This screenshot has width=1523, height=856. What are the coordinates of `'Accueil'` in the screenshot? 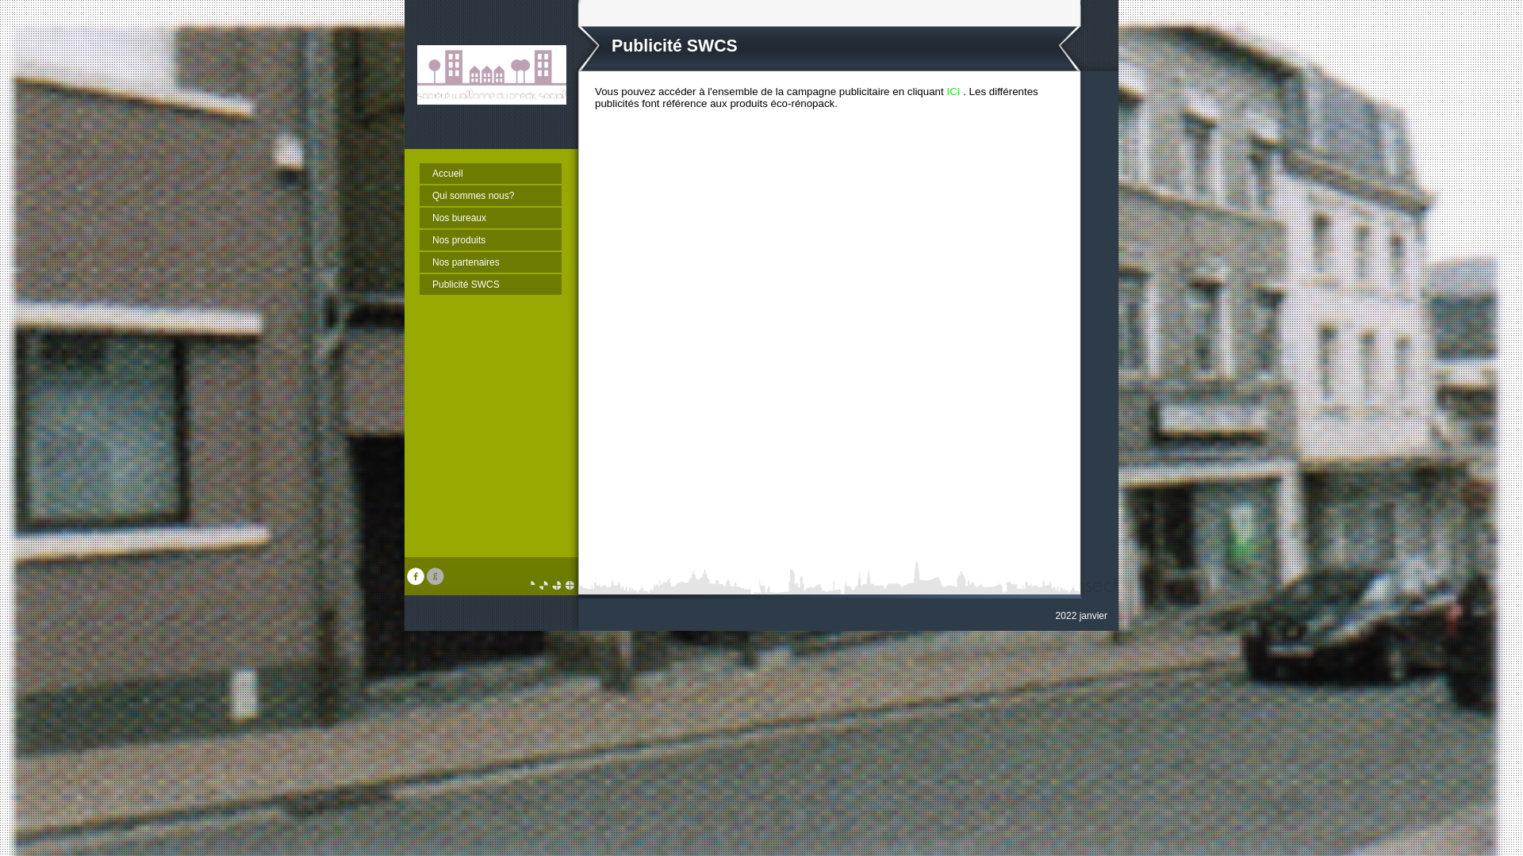 It's located at (489, 174).